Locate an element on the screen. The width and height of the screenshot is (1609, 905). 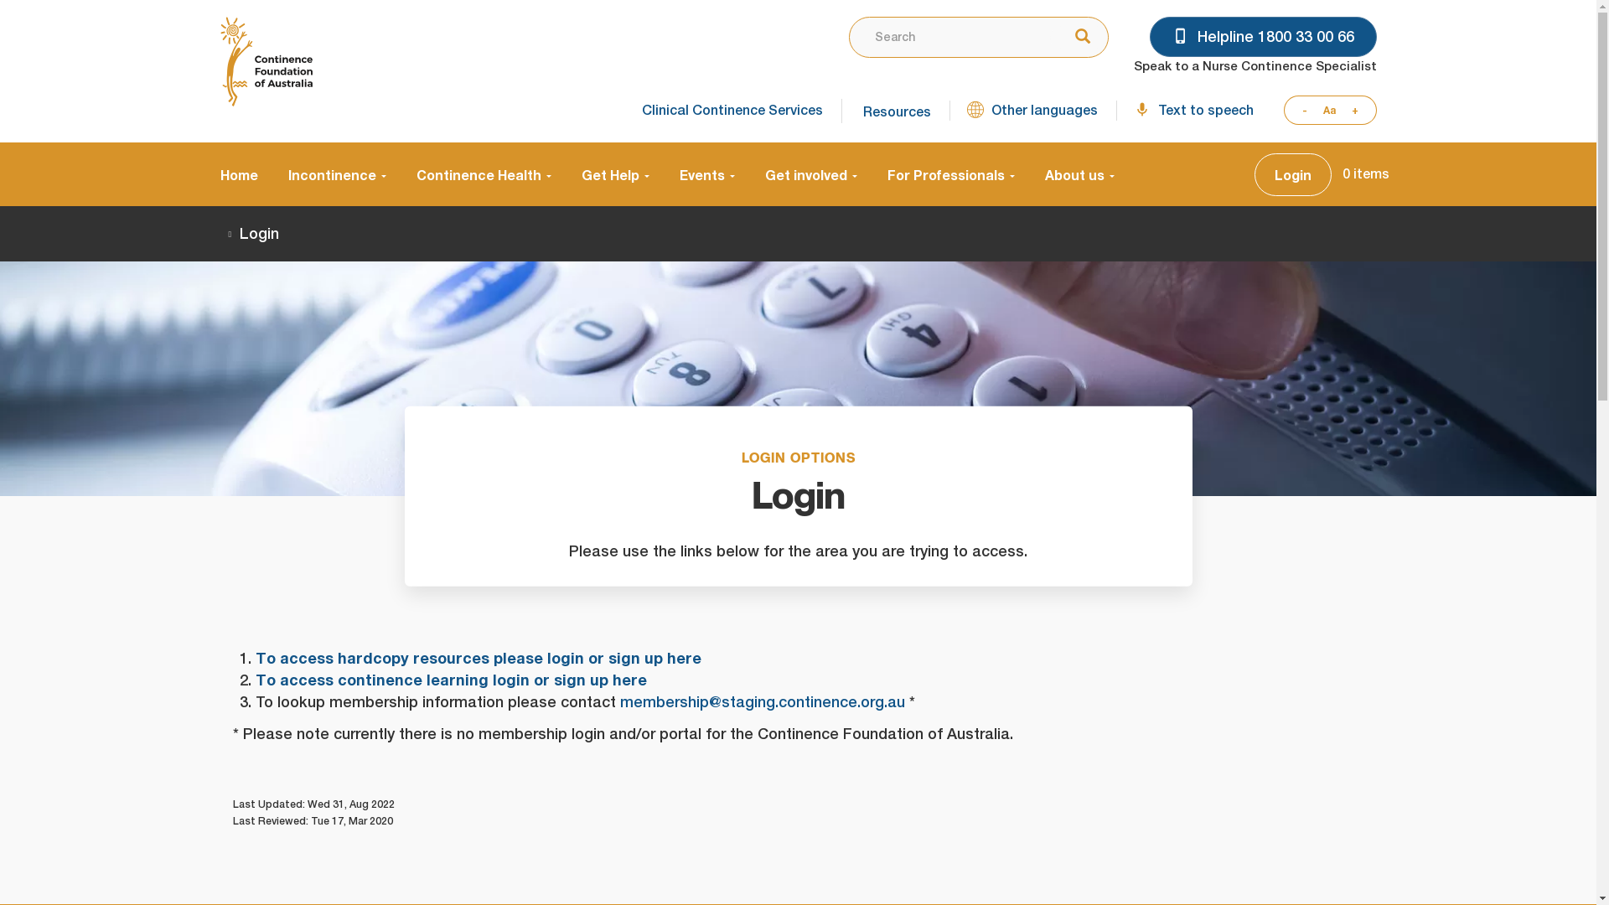
'To access hardcopy resources please login or sign up here' is located at coordinates (477, 657).